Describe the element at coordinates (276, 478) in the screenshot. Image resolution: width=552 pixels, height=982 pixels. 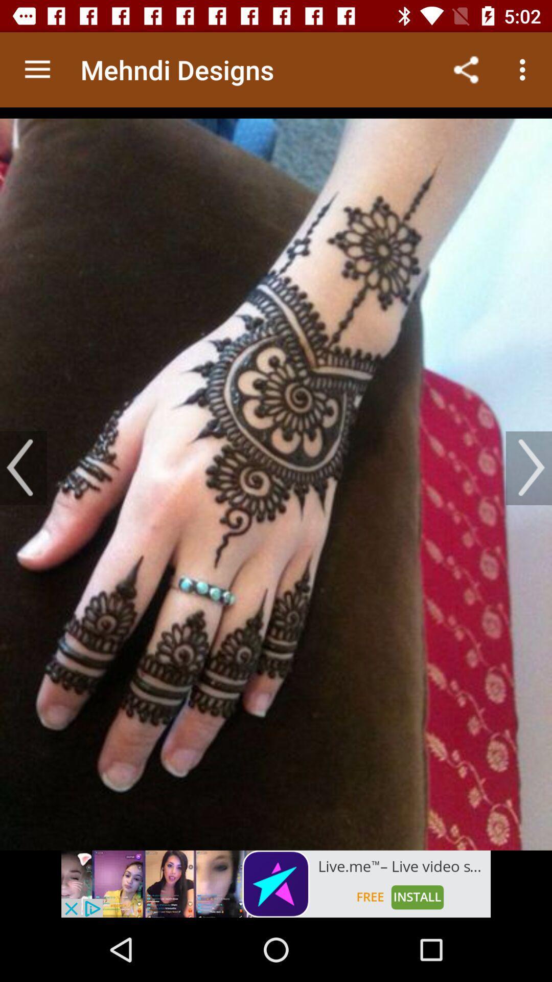
I see `gallery` at that location.